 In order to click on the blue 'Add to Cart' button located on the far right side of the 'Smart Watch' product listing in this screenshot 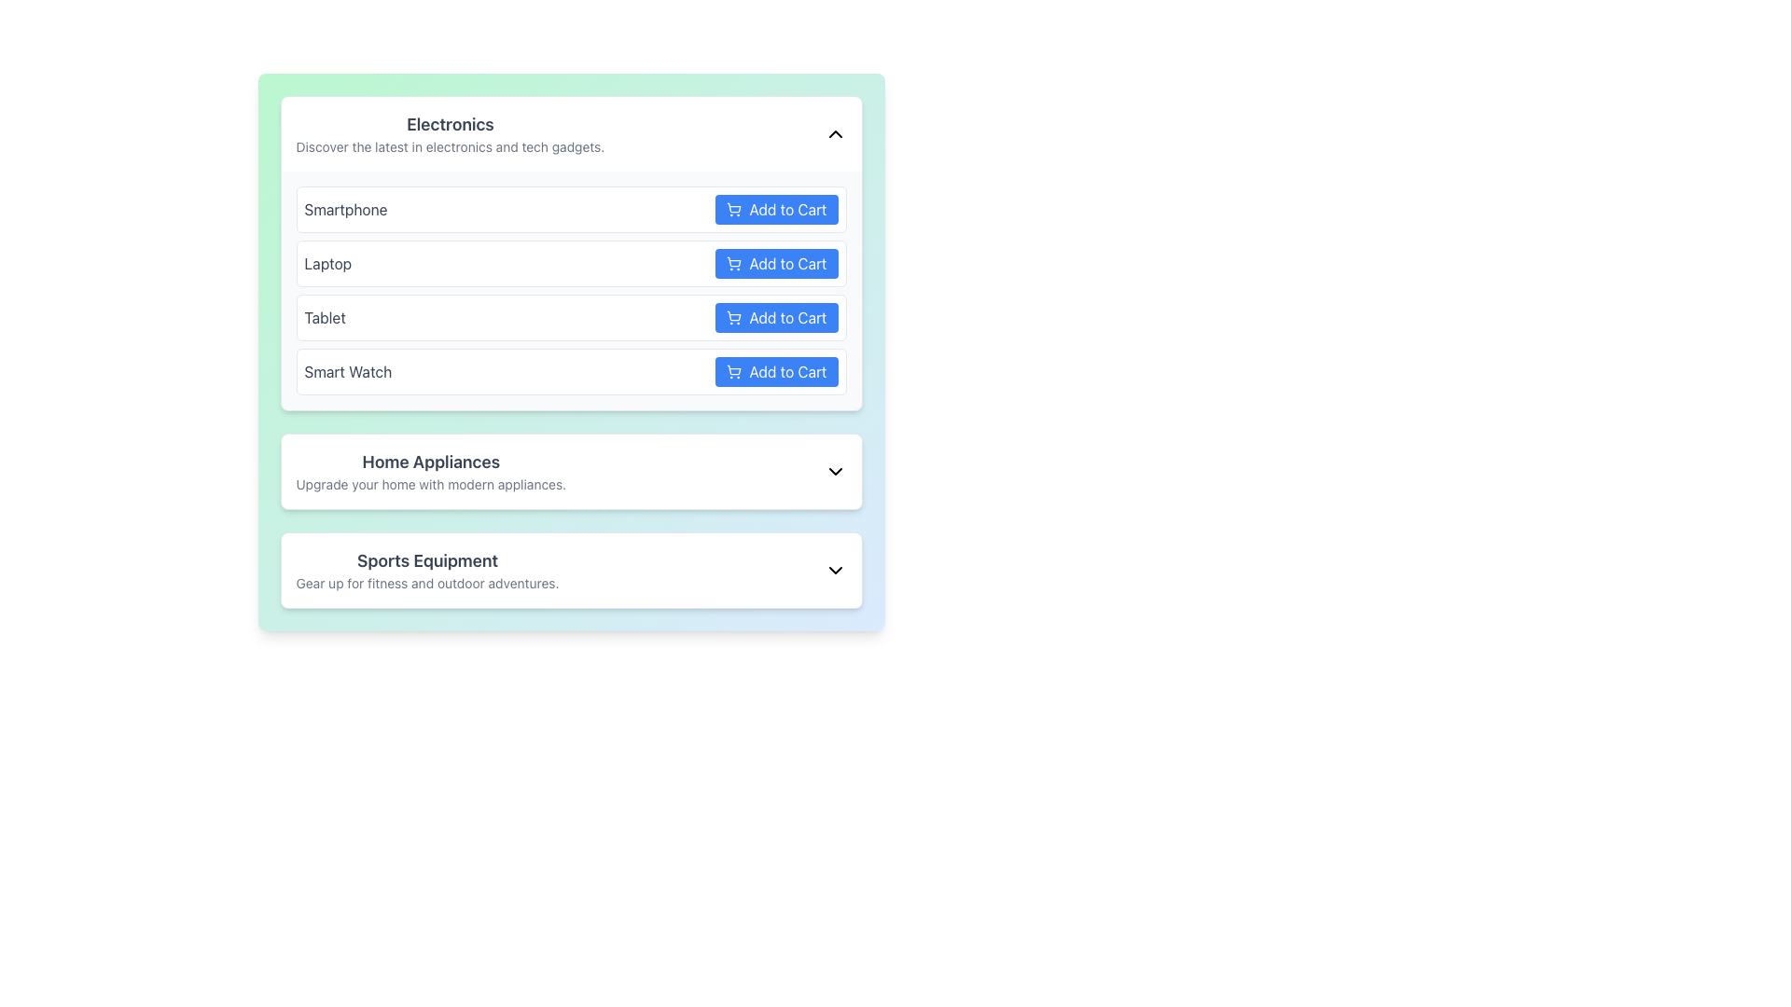, I will do `click(776, 371)`.